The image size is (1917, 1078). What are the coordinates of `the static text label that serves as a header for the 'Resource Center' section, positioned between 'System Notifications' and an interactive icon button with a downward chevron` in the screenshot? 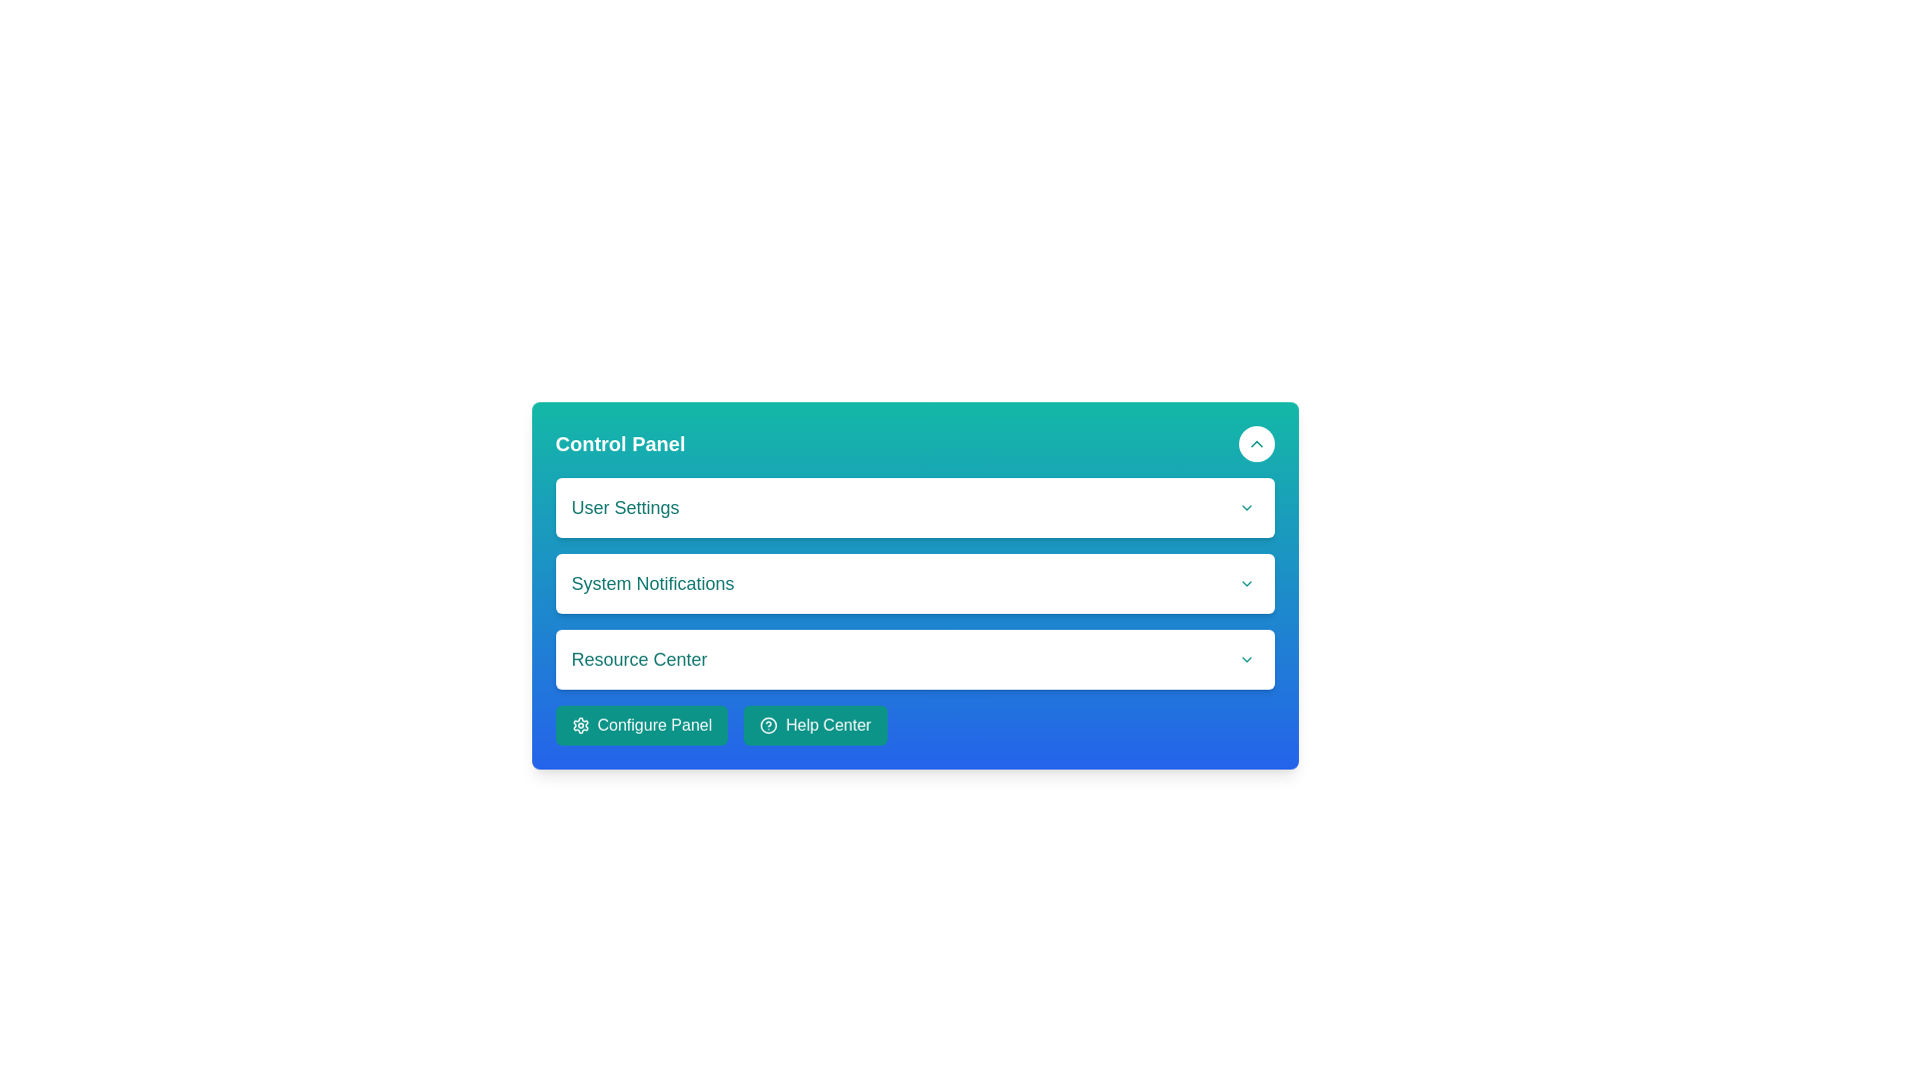 It's located at (639, 659).